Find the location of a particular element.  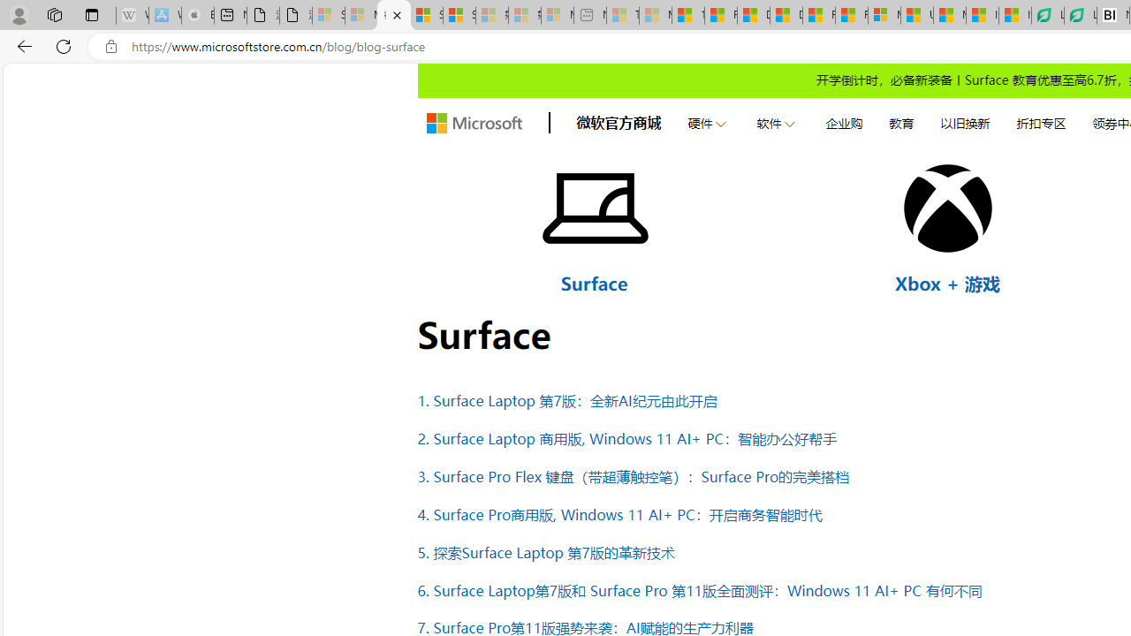

'Microsoft' is located at coordinates (474, 123).